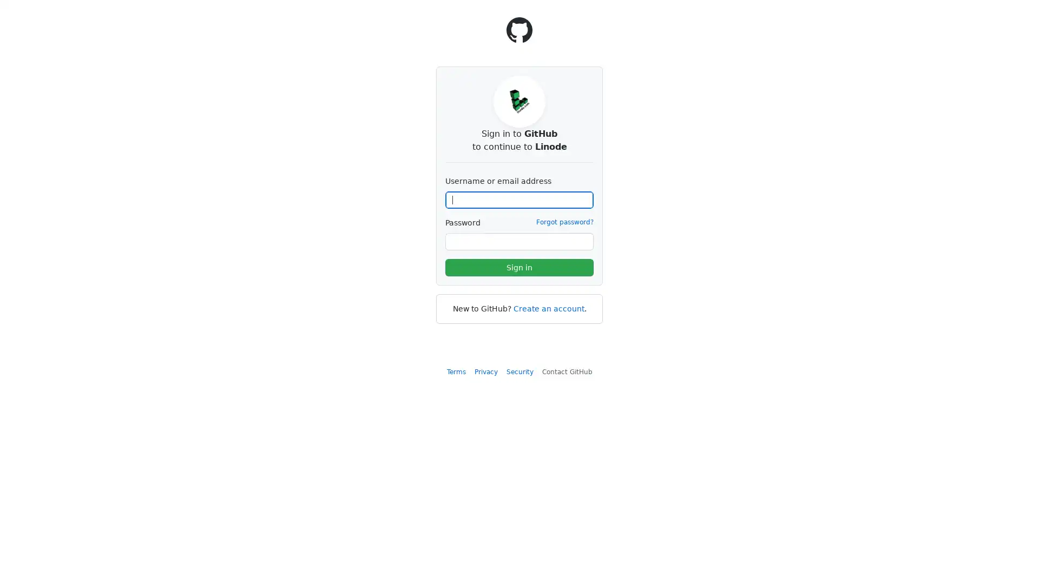  Describe the element at coordinates (519, 267) in the screenshot. I see `Sign in` at that location.